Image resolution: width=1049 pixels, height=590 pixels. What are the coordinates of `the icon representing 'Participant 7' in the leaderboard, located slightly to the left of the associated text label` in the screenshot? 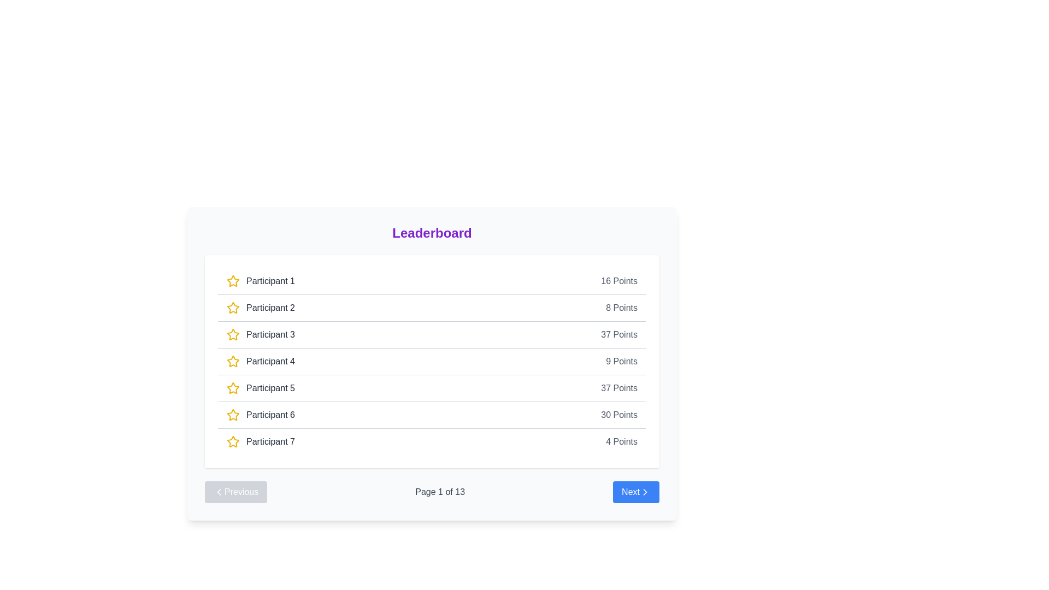 It's located at (233, 441).